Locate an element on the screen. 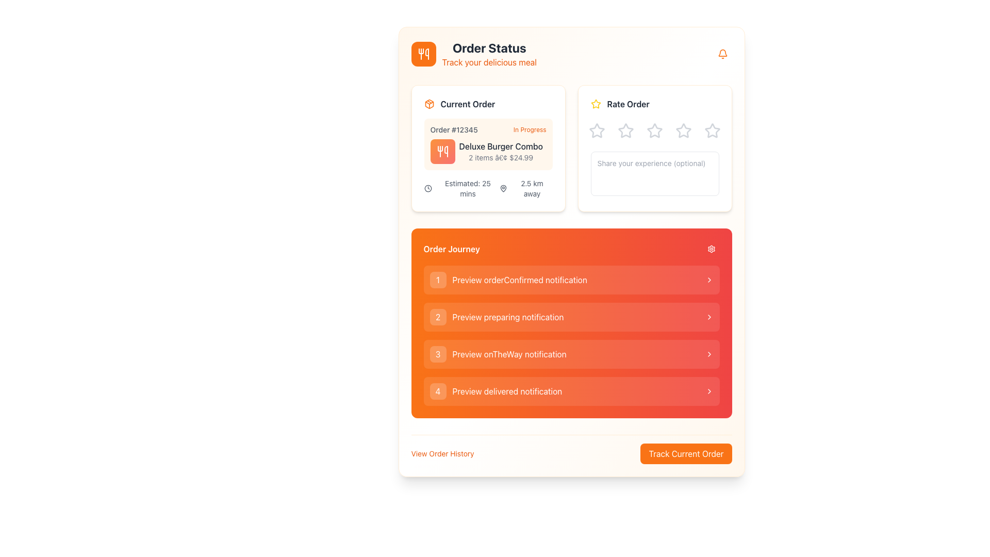  the first star icon in the 'Rate Order' section is located at coordinates (597, 130).